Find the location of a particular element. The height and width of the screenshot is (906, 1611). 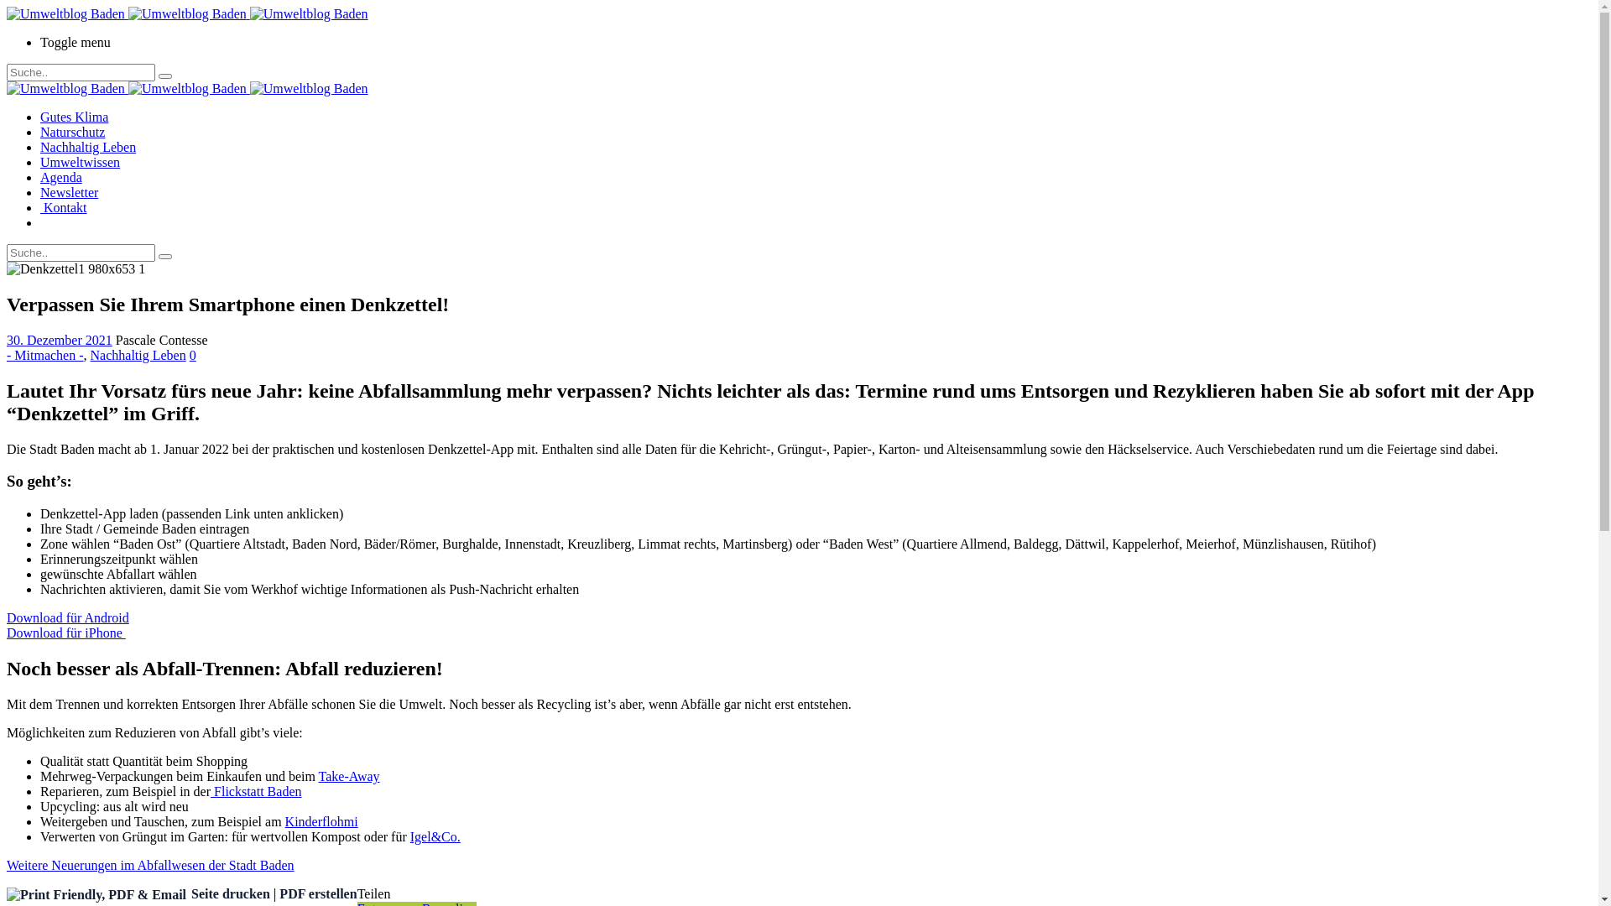

'Weitere Neuerungen im Abfallwesen der Stadt Baden' is located at coordinates (150, 865).